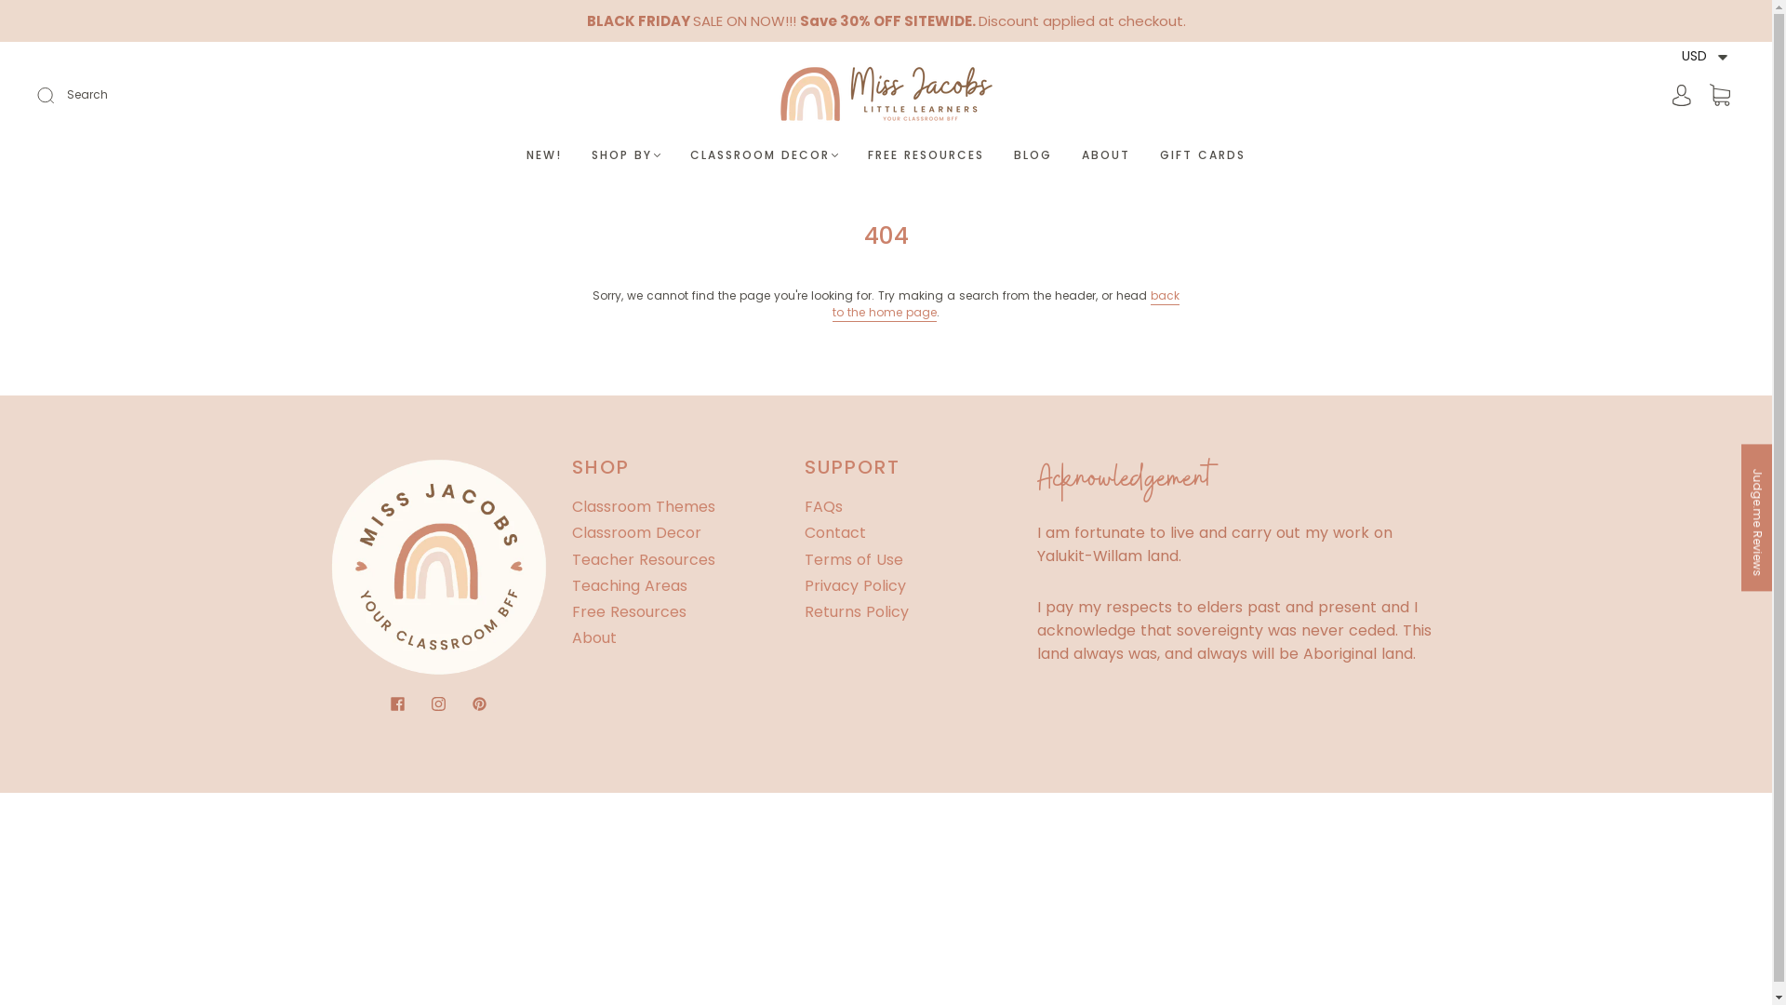 The width and height of the screenshot is (1786, 1005). Describe the element at coordinates (804, 558) in the screenshot. I see `'Terms of Use'` at that location.